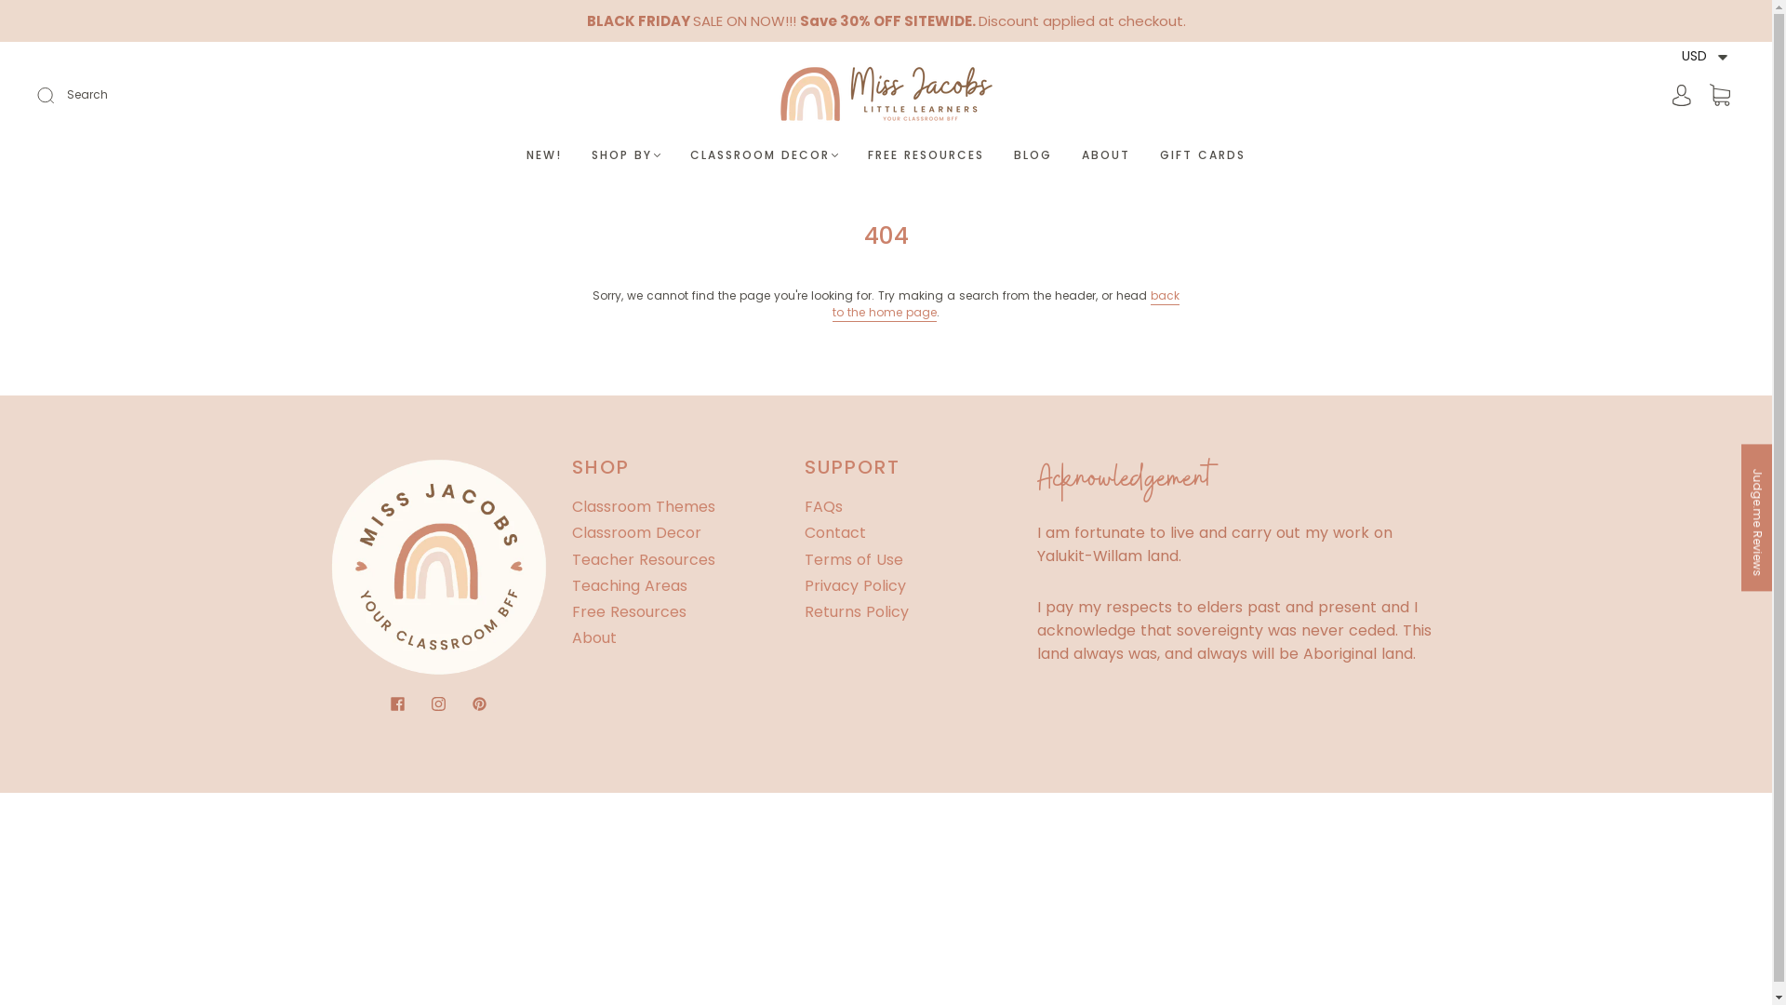 The width and height of the screenshot is (1786, 1005). Describe the element at coordinates (804, 558) in the screenshot. I see `'Terms of Use'` at that location.